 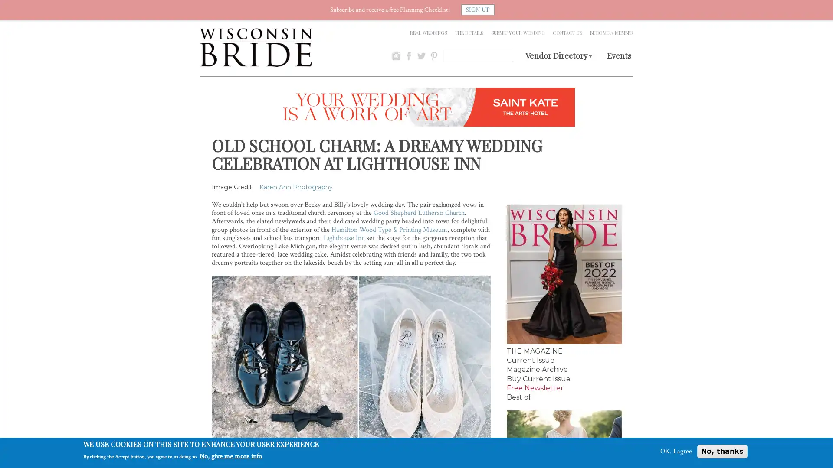 What do you see at coordinates (722, 451) in the screenshot?
I see `No, thanks` at bounding box center [722, 451].